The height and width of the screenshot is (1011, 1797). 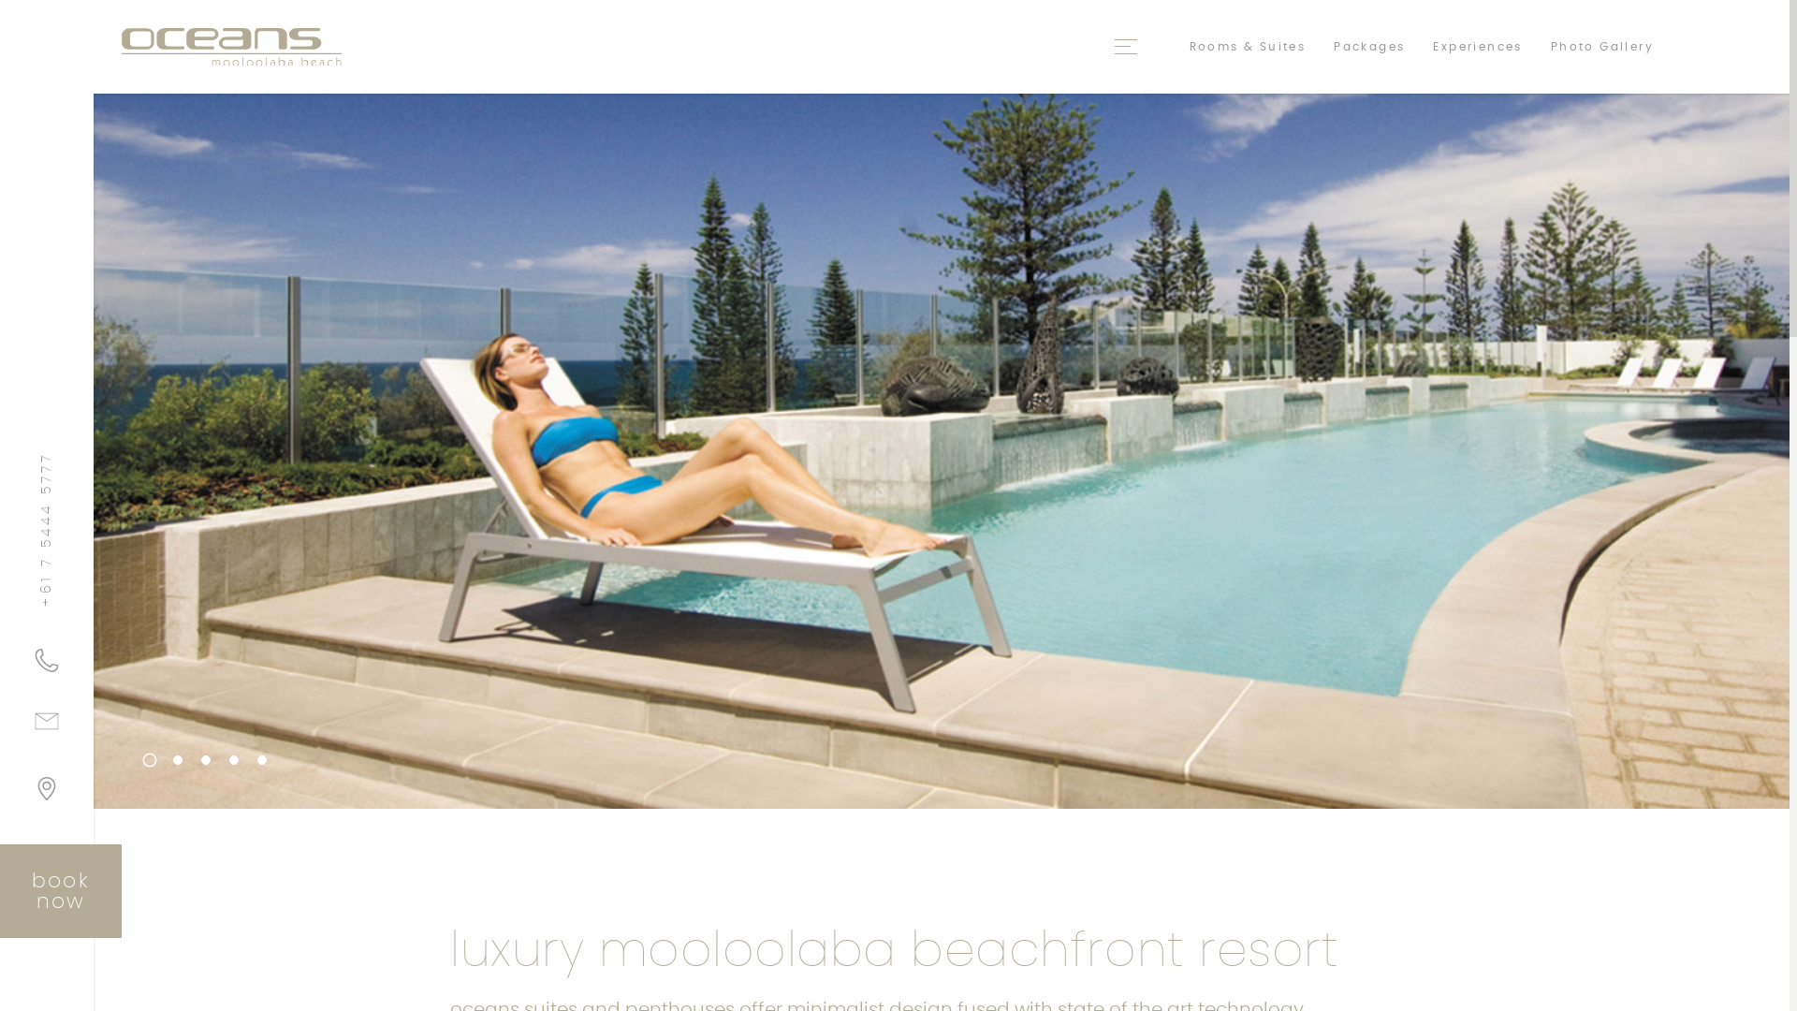 What do you see at coordinates (260, 760) in the screenshot?
I see `'5'` at bounding box center [260, 760].